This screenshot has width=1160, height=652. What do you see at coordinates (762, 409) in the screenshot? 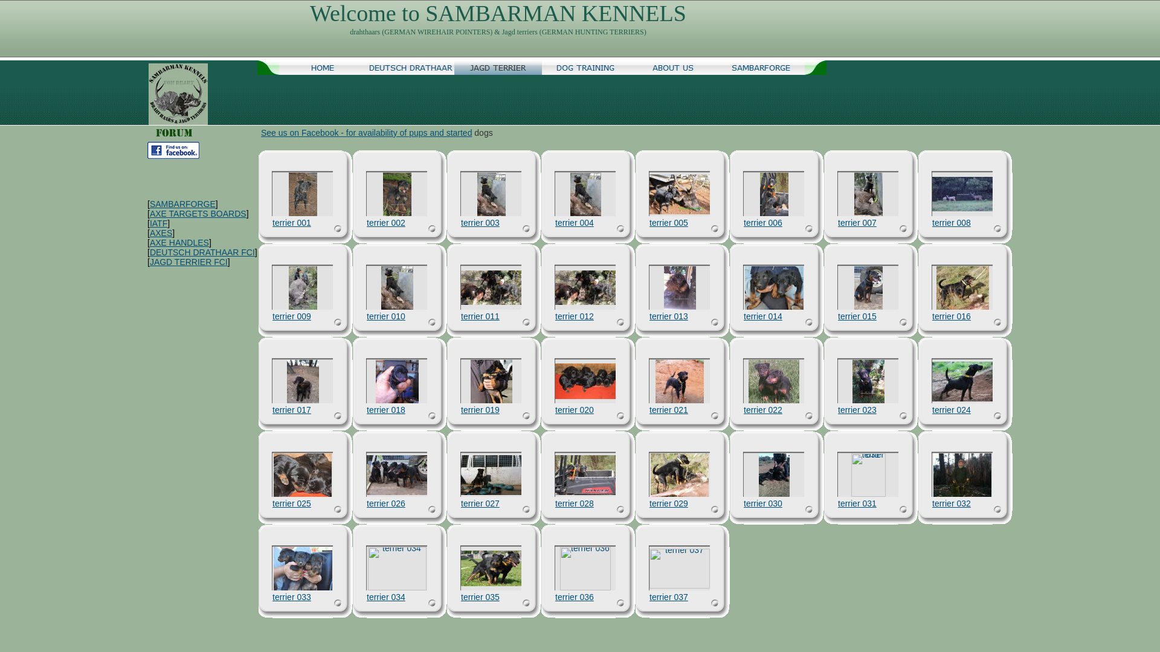
I see `'terrier 022'` at bounding box center [762, 409].